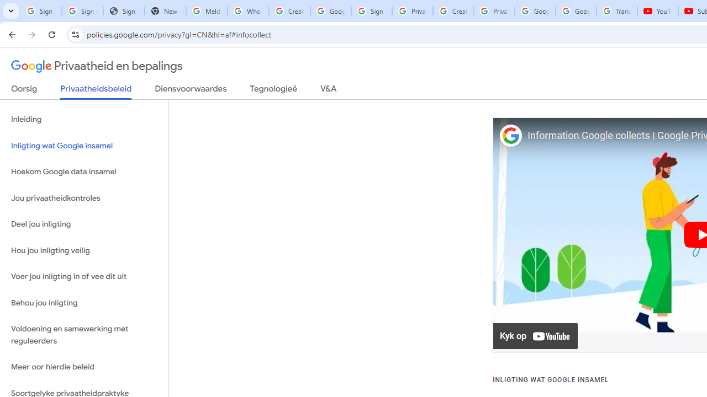 Image resolution: width=707 pixels, height=397 pixels. Describe the element at coordinates (83, 224) in the screenshot. I see `'Deel jou inligting'` at that location.